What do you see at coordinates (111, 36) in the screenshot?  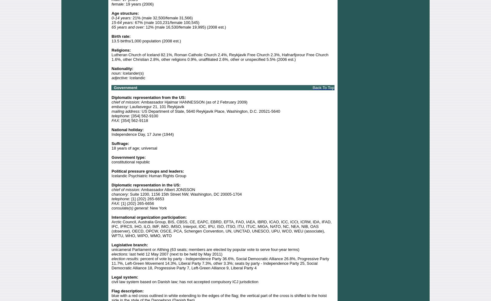 I see `'Birth rate:'` at bounding box center [111, 36].